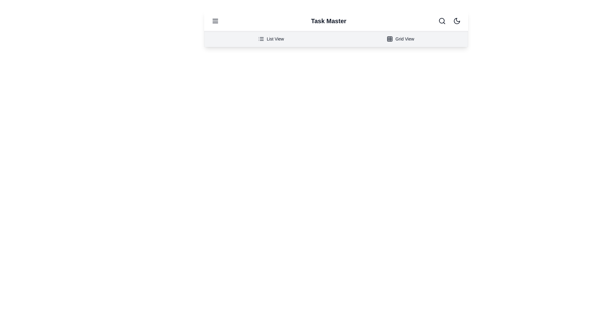 The width and height of the screenshot is (594, 334). I want to click on the 'Grid View' option in the navigation menu, so click(400, 39).